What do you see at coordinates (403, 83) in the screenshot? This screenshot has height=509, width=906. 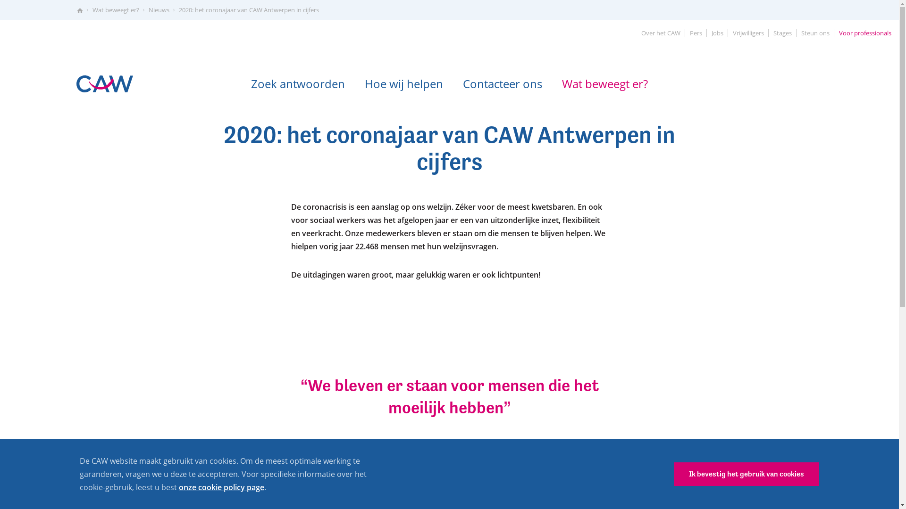 I see `'Hoe wij helpen'` at bounding box center [403, 83].